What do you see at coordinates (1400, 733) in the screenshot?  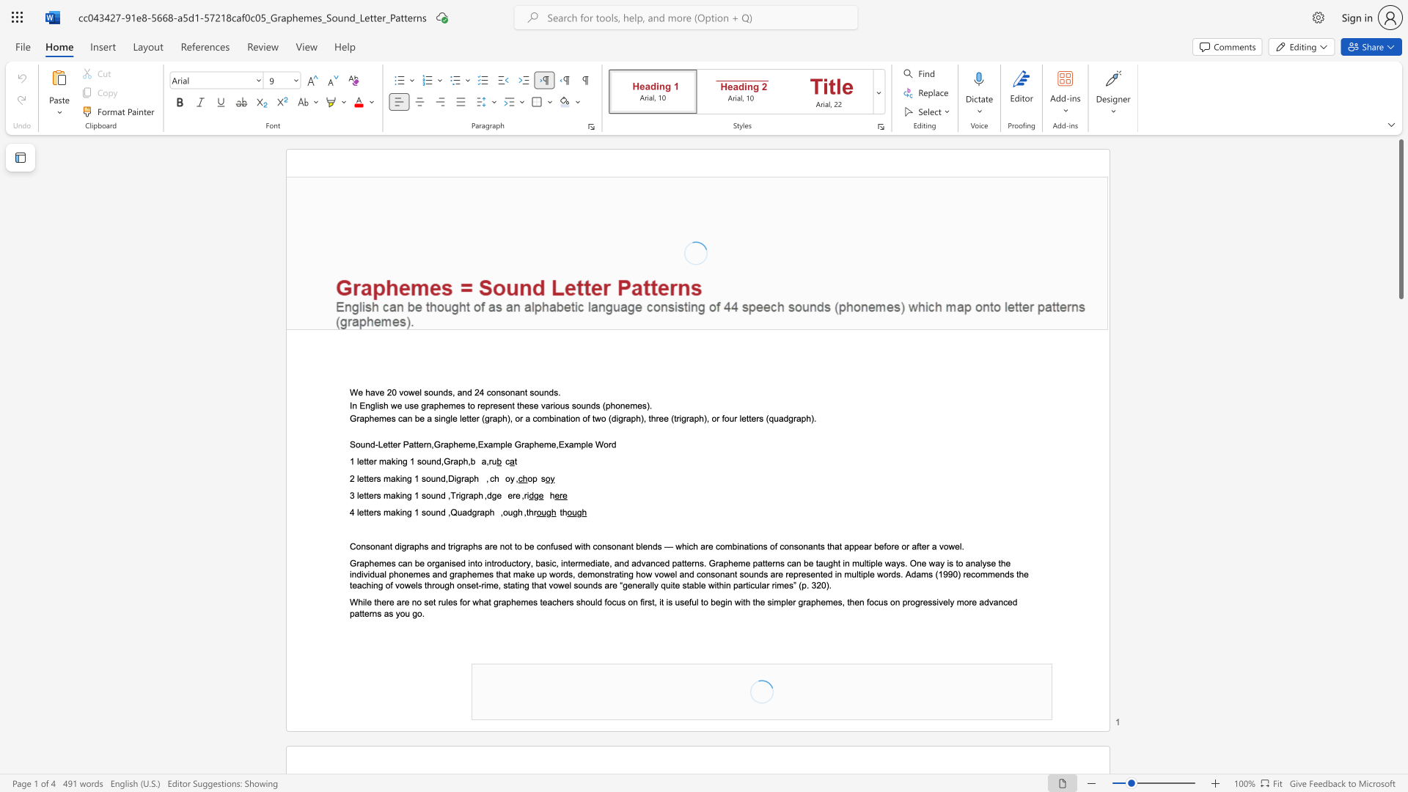 I see `the scrollbar to adjust the page downward` at bounding box center [1400, 733].